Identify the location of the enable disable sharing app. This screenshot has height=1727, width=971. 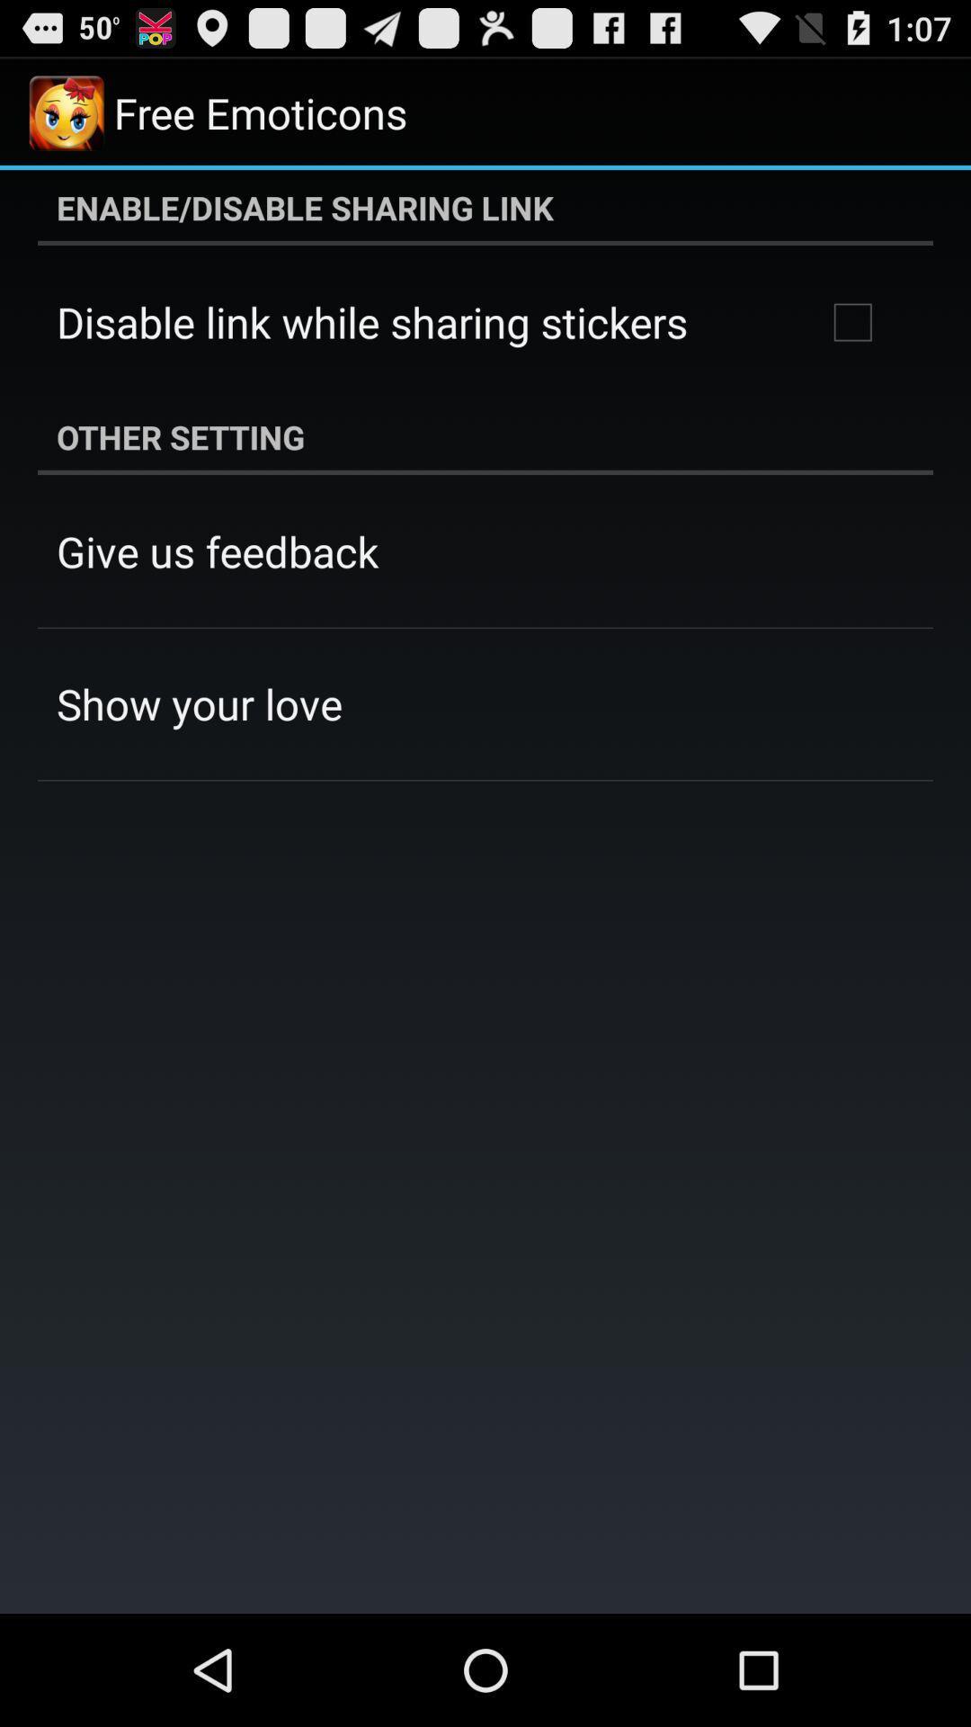
(485, 207).